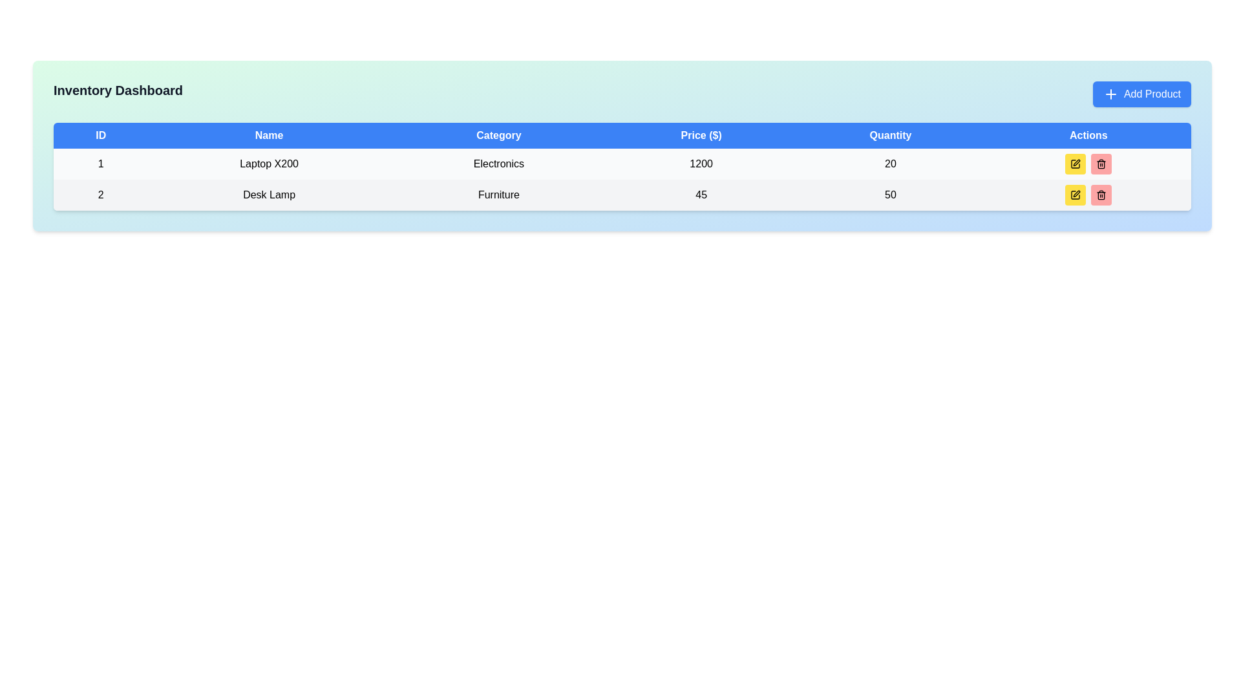 The image size is (1241, 698). Describe the element at coordinates (622, 195) in the screenshot. I see `information displayed in the second row of the table, which contains the data fields: '2' under 'ID', 'Desk Lamp' under 'Name', 'Furniture' under 'Category', '45' under 'Price ($)', and '50' under 'Quantity'` at that location.